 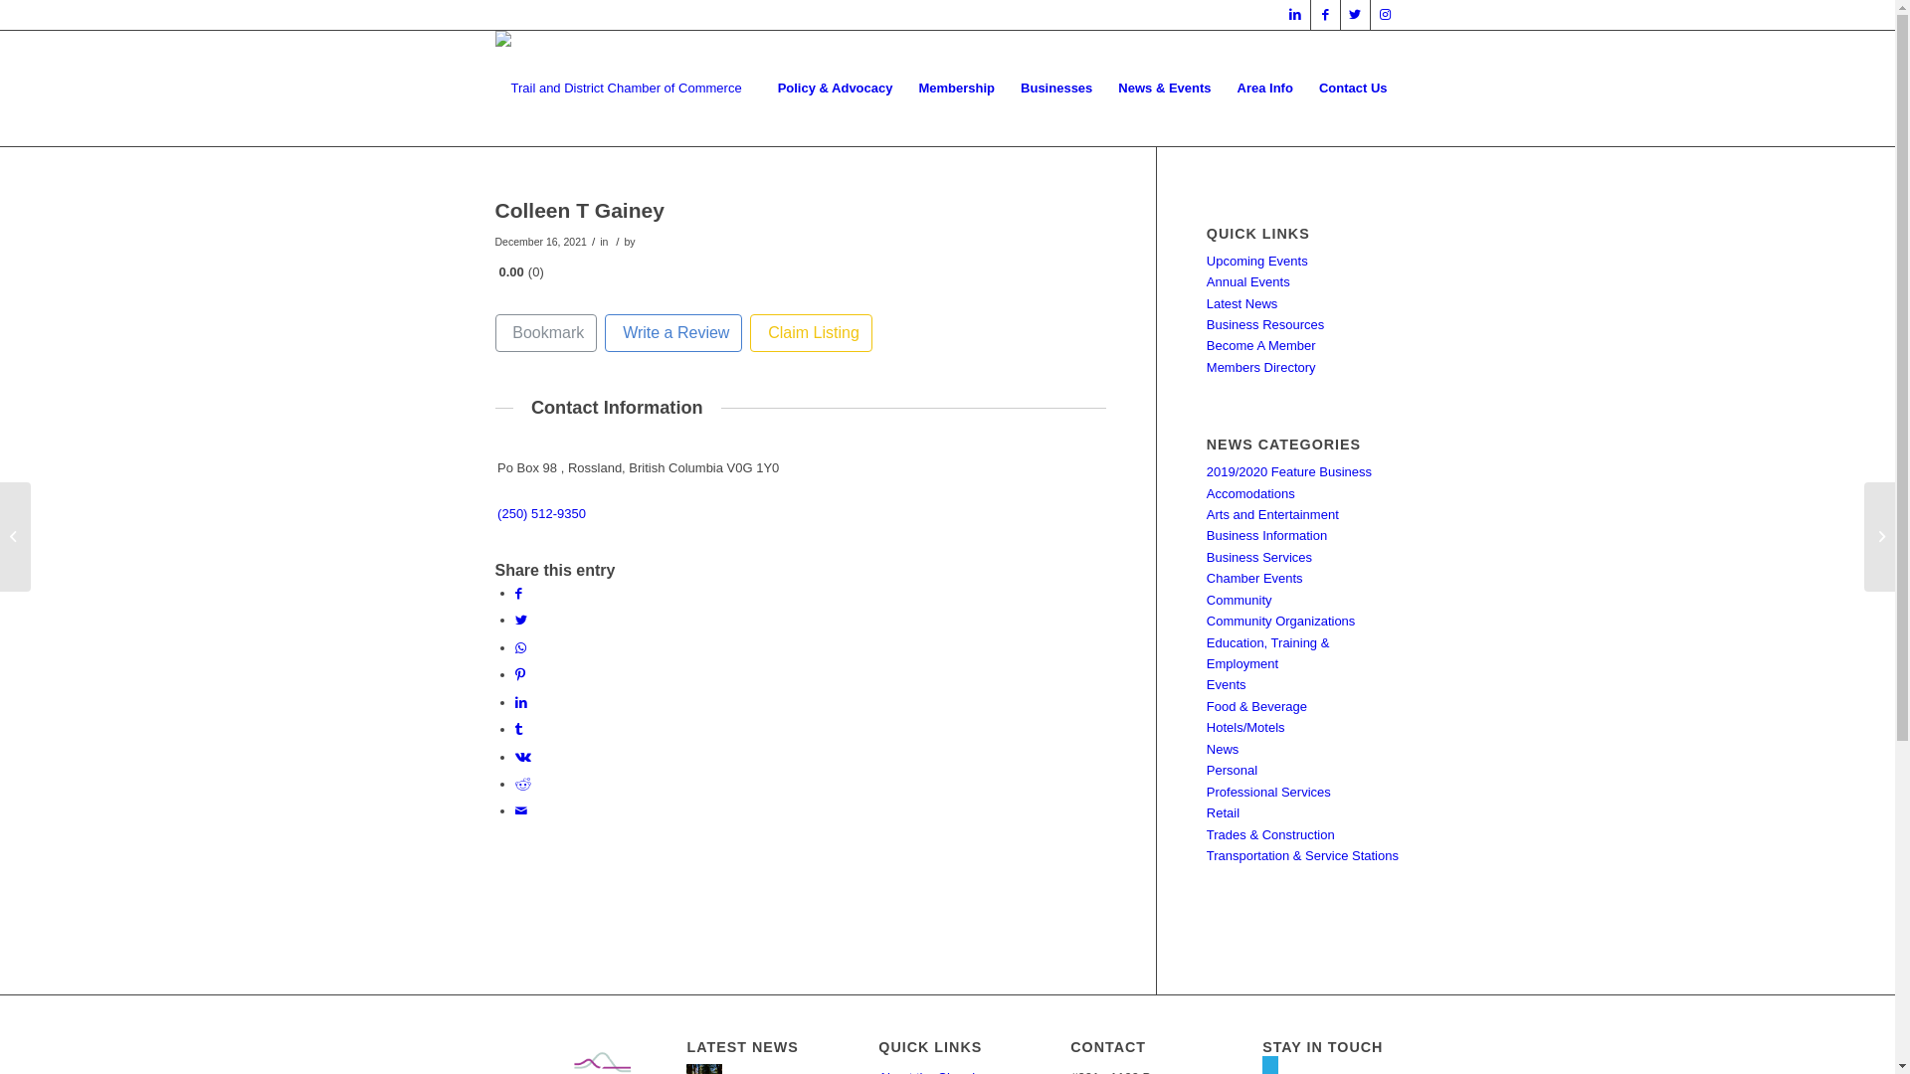 What do you see at coordinates (541, 512) in the screenshot?
I see `'(250) 512-9350'` at bounding box center [541, 512].